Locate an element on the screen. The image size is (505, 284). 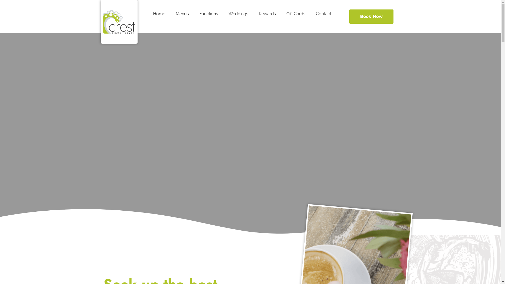
'Gift Cards' is located at coordinates (296, 14).